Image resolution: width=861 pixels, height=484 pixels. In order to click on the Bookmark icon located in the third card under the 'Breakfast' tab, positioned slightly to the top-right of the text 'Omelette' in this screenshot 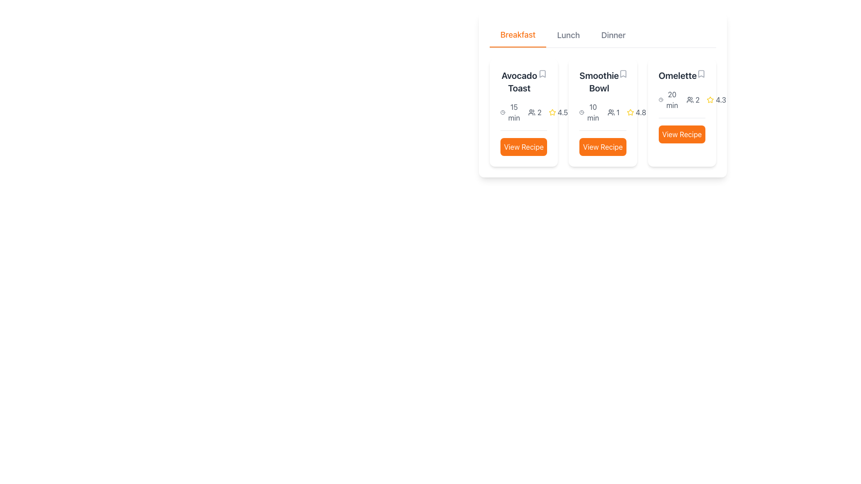, I will do `click(700, 73)`.